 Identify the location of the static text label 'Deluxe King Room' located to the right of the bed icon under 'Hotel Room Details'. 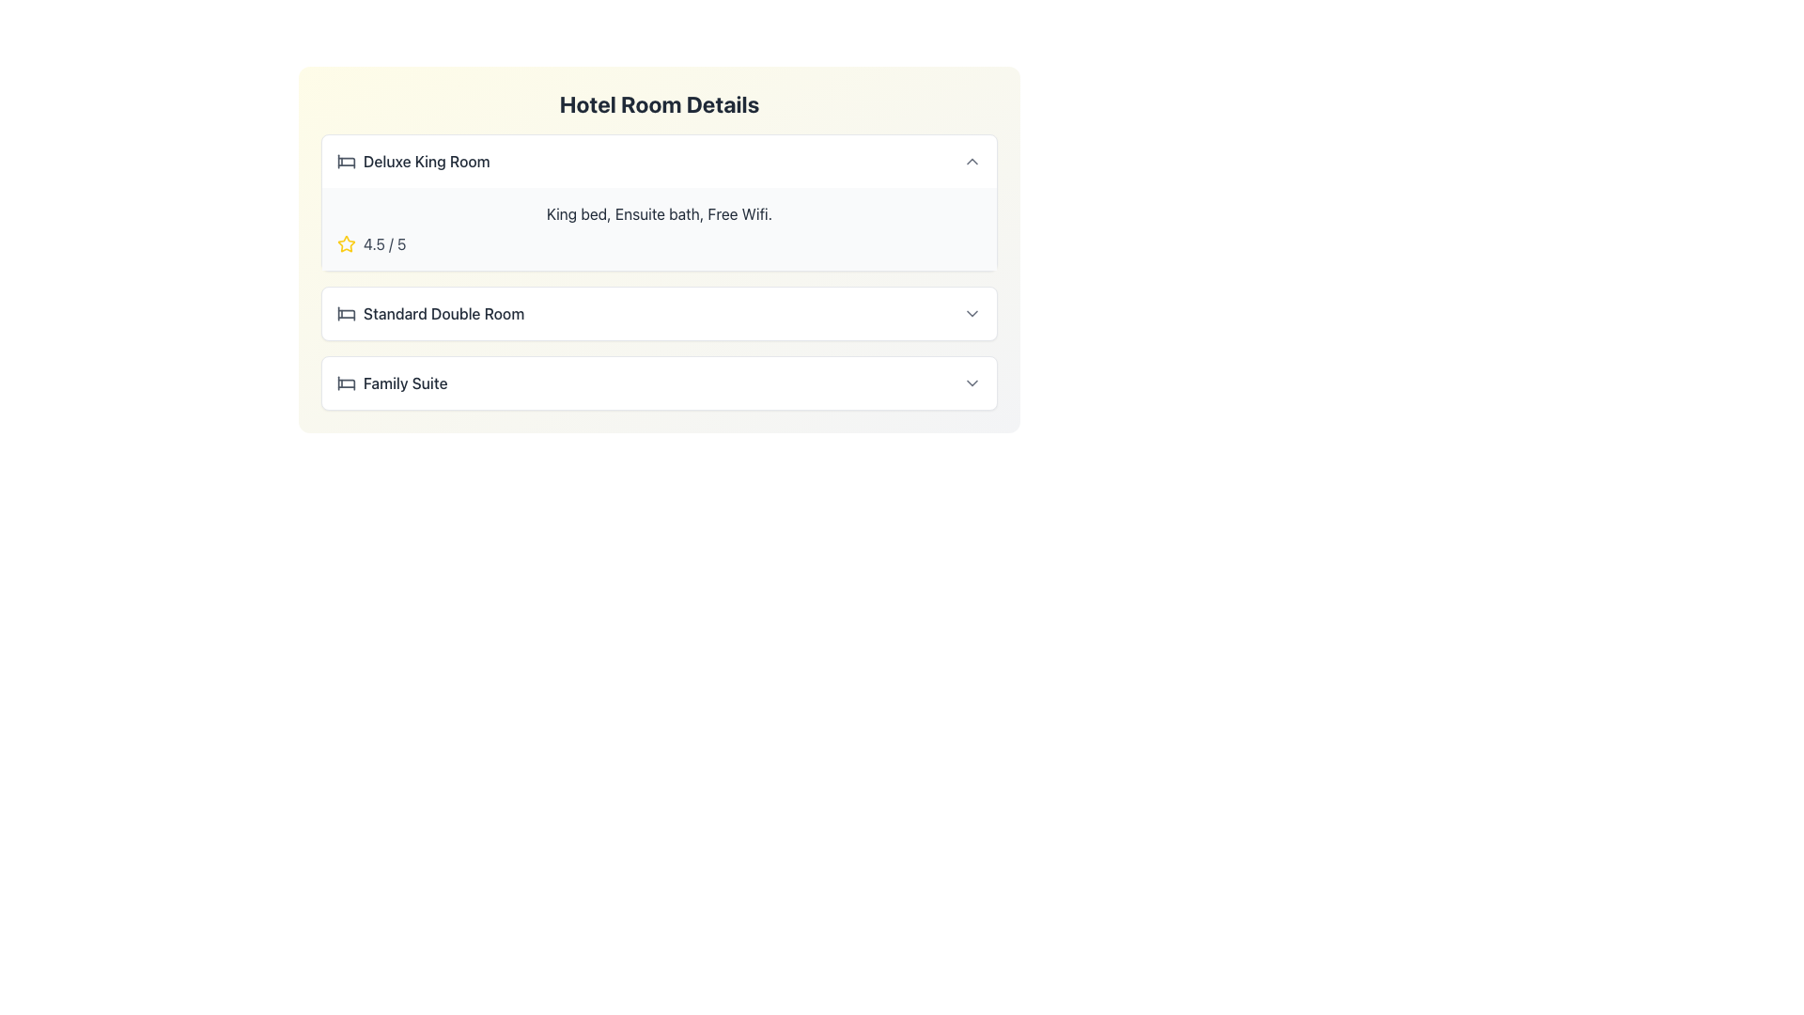
(426, 161).